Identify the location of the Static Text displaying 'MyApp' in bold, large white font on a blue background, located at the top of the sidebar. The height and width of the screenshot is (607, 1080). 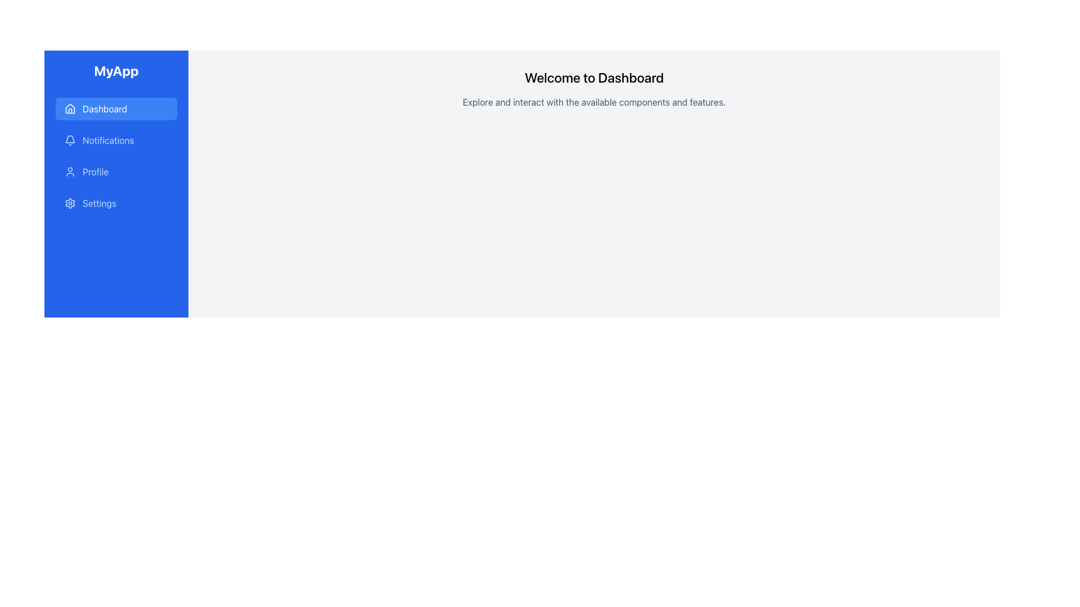
(116, 71).